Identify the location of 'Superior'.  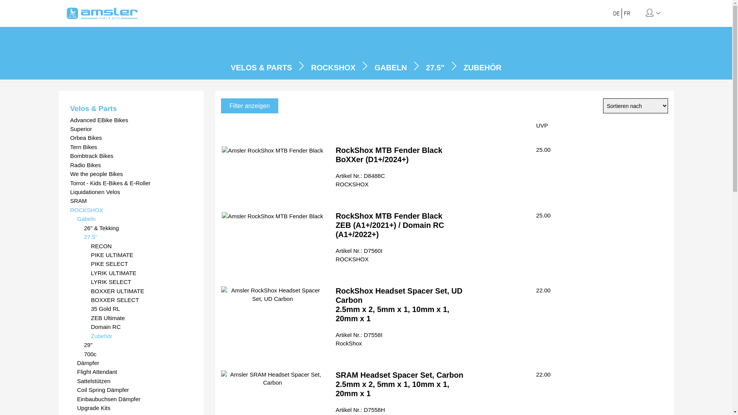
(131, 128).